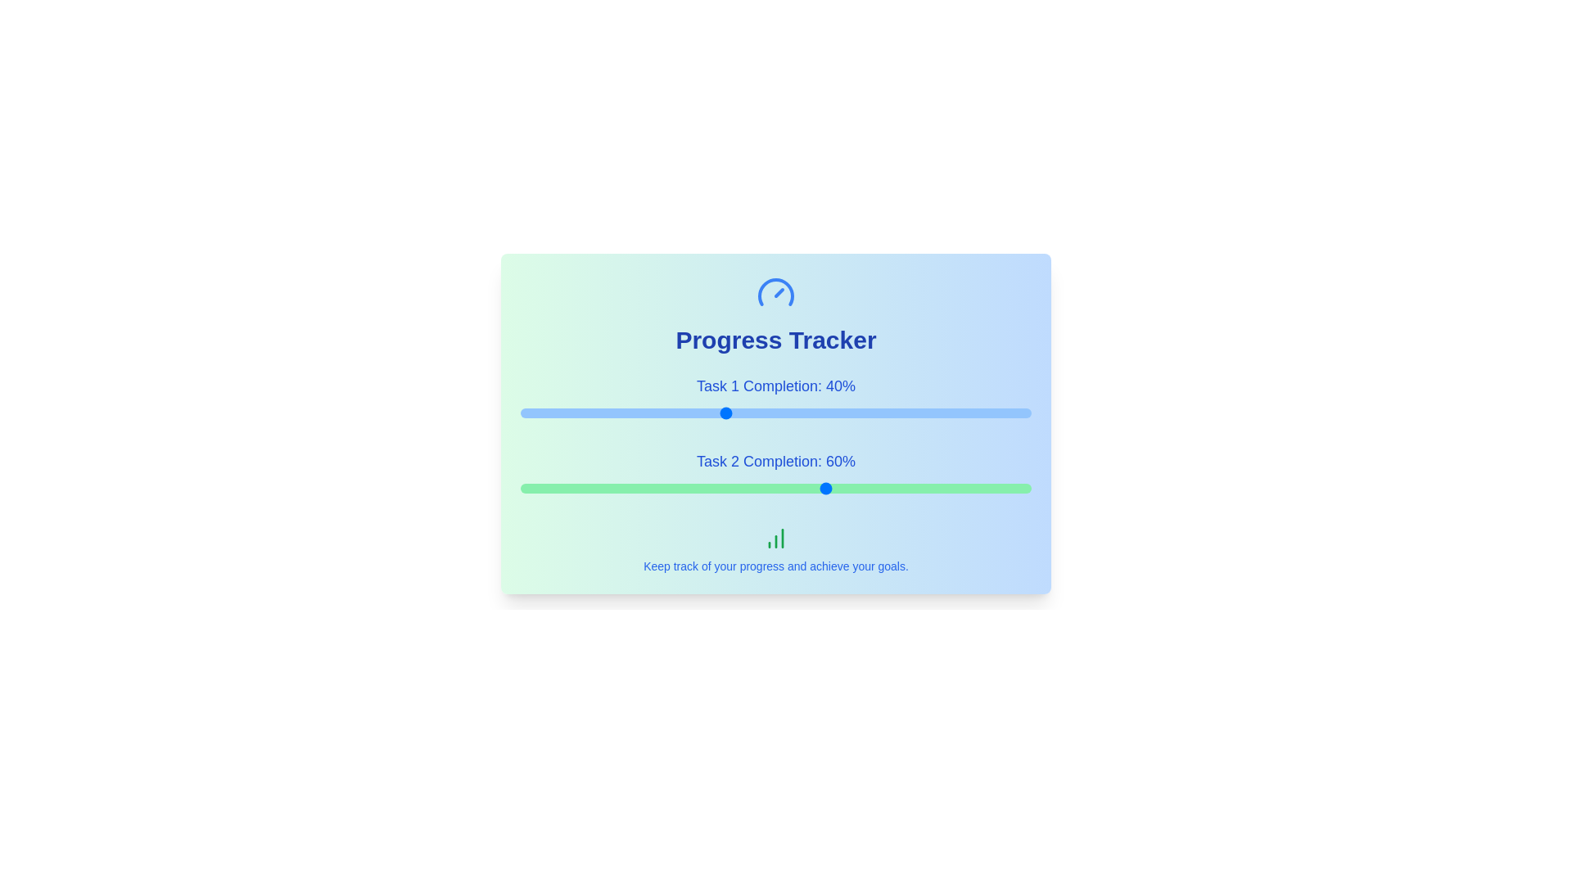  I want to click on the progress bars in the Progress bar group titled 'Task 1 Completion' and 'Task 2 Completion', so click(775, 435).